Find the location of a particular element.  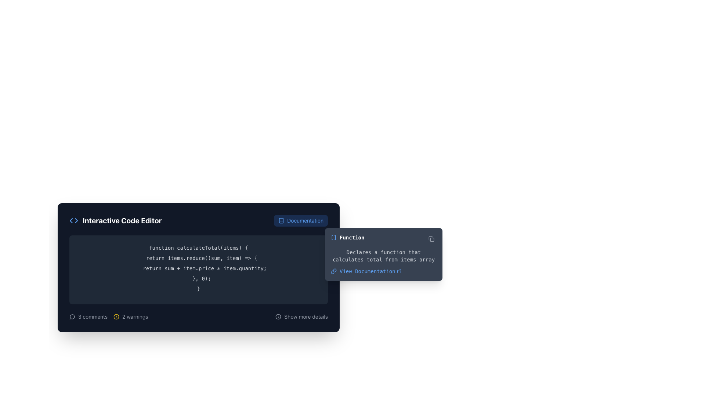

the small light blue link icon depicted as an SVG graphic, which is positioned to the left and slightly above the text link labeled 'View Documentation' is located at coordinates (333, 271).